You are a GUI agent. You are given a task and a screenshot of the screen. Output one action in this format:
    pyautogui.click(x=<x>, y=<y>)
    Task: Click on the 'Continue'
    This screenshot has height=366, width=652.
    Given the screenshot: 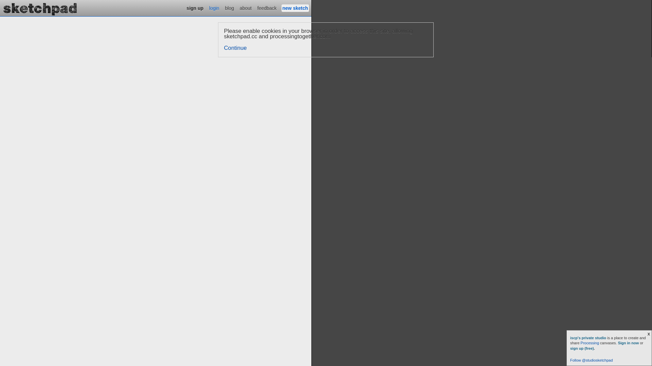 What is the action you would take?
    pyautogui.click(x=224, y=47)
    